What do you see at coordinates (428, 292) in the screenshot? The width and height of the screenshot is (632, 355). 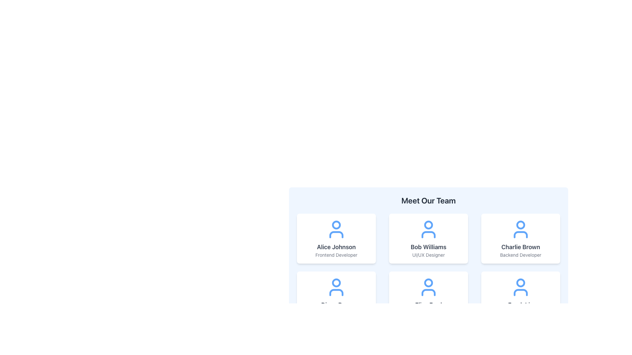 I see `the decorative graphical component within the SVG icon located centrally in the second row's middle card of the team member profiles` at bounding box center [428, 292].